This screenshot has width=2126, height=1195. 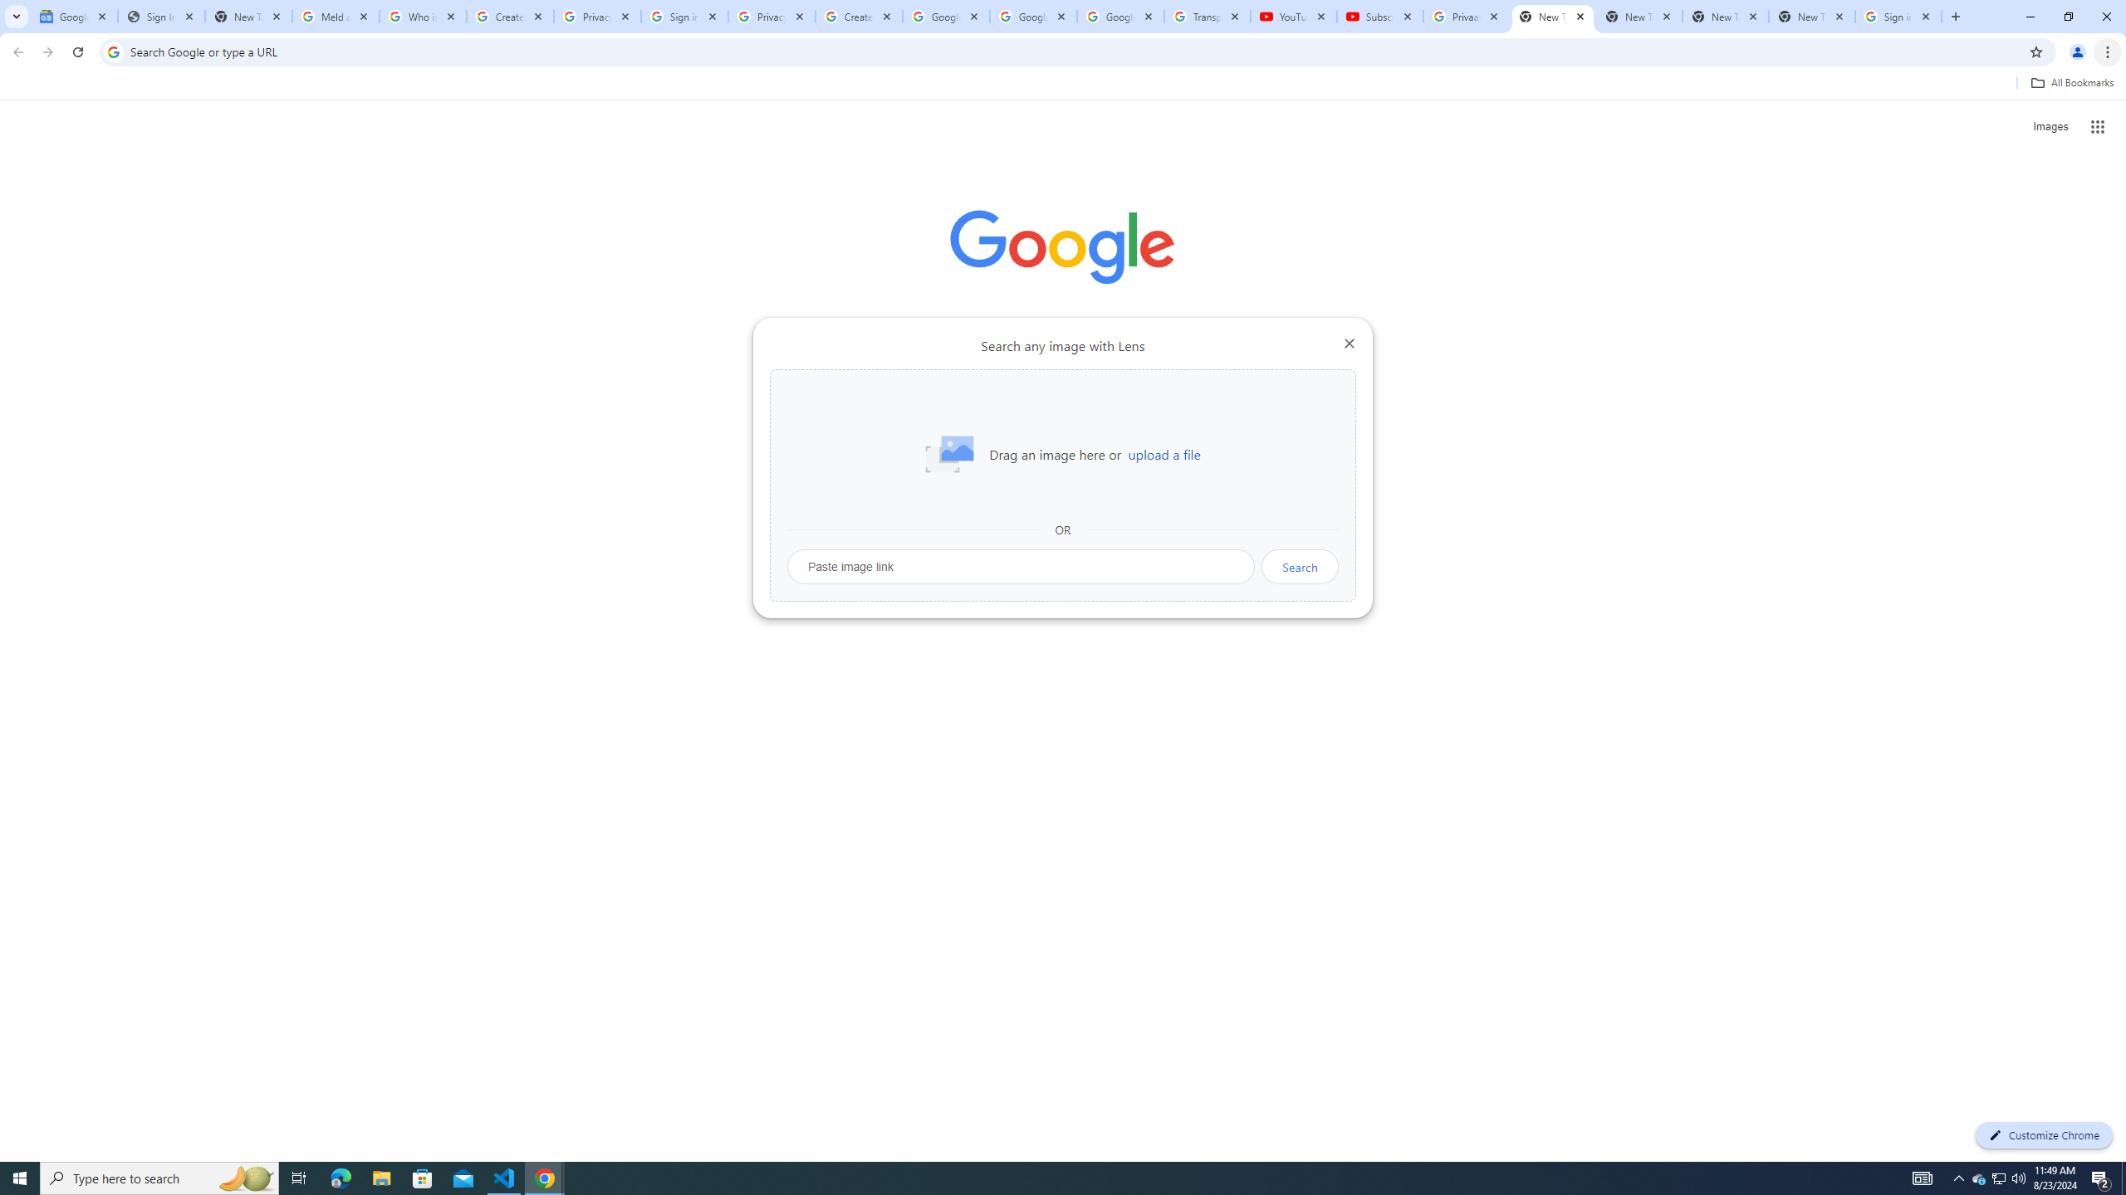 I want to click on 'All Bookmarks', so click(x=2071, y=82).